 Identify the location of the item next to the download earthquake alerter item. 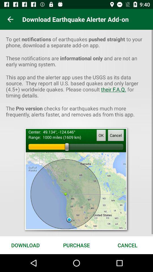
(10, 19).